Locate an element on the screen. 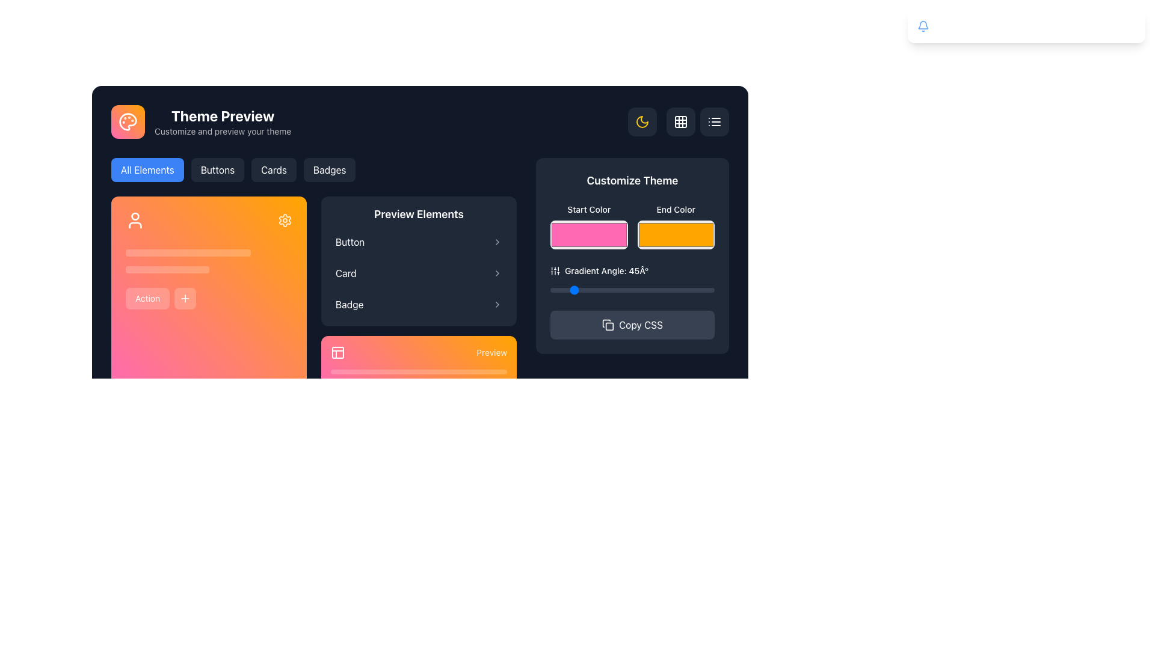 This screenshot has width=1155, height=649. the decorative icon representing adjustment functionality for settings related to gradients or themes in the 'Customize Theme' panel, located at the top-left corner of the 'Gradient Angle: 45°' section is located at coordinates (554, 271).